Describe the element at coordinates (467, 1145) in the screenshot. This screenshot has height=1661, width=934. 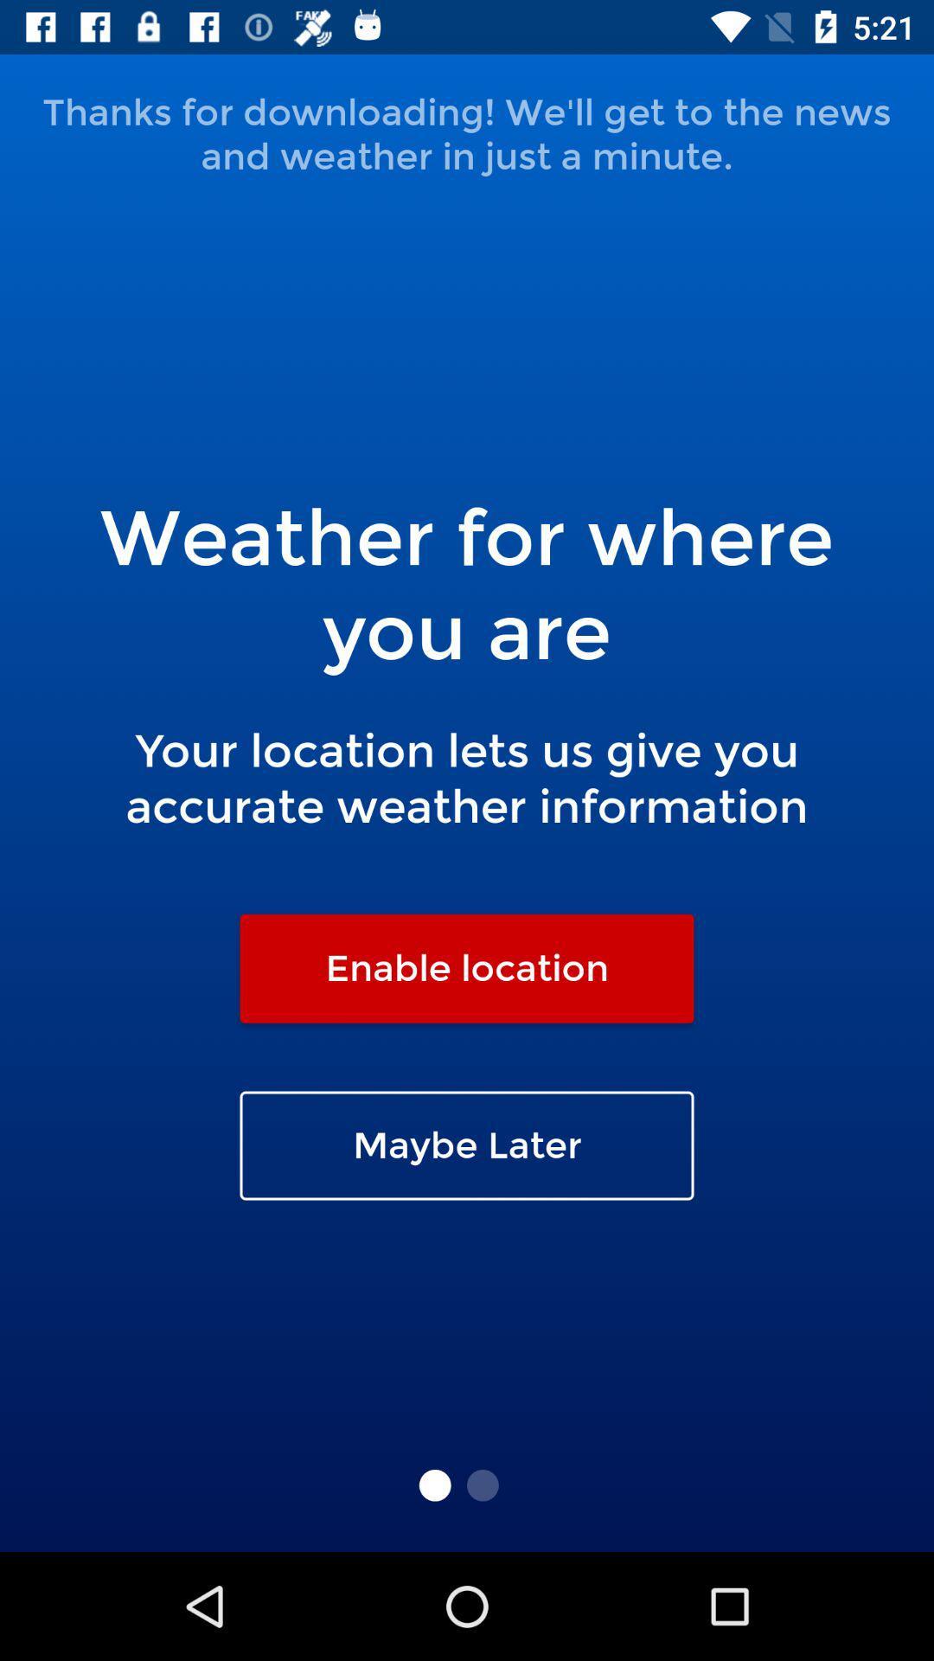
I see `the icon below enable location` at that location.